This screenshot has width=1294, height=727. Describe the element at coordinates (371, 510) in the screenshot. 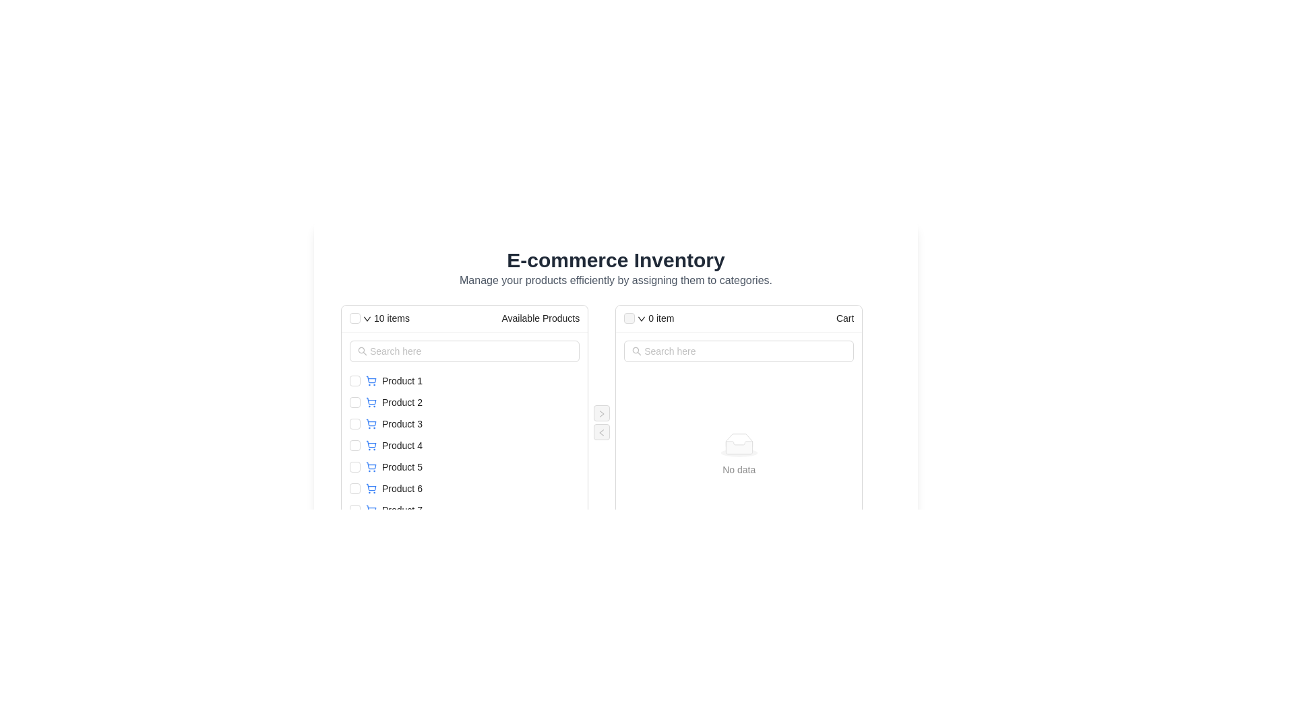

I see `the blue shopping cart icon located to the left of 'Product 7' in the vertical list` at that location.